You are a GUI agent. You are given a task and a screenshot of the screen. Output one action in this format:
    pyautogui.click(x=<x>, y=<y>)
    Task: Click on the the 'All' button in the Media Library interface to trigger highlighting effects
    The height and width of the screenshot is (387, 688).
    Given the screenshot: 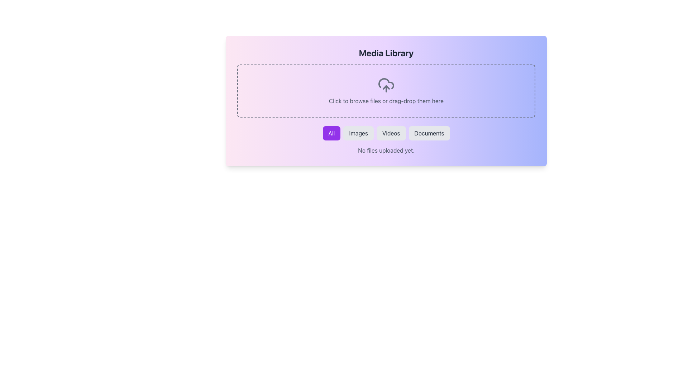 What is the action you would take?
    pyautogui.click(x=331, y=133)
    